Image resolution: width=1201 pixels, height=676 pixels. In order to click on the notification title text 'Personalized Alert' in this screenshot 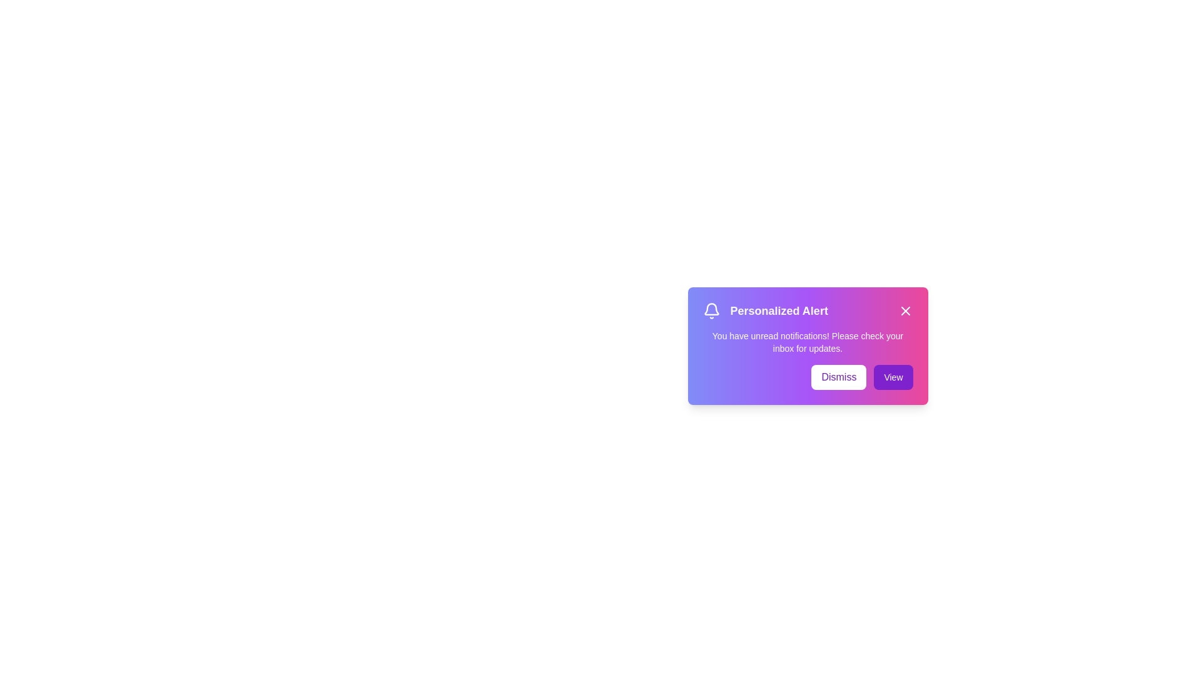, I will do `click(808, 310)`.